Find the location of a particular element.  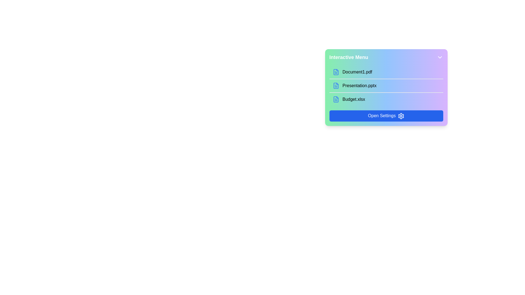

the first list item 'Document1.pdf' in the Interactive Menu is located at coordinates (386, 72).